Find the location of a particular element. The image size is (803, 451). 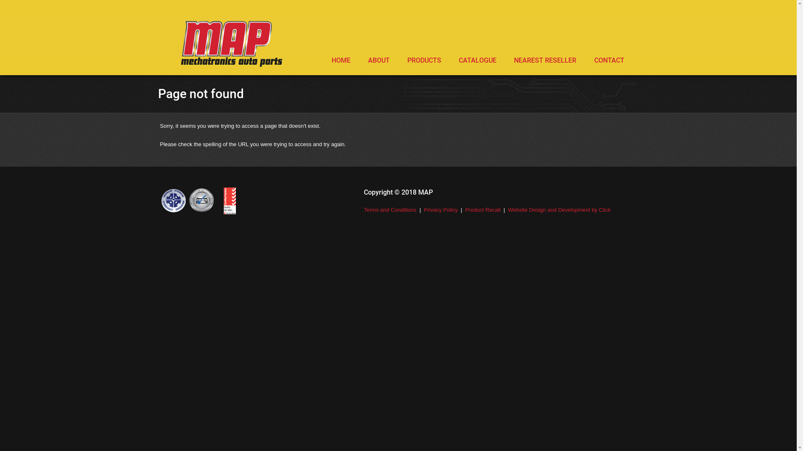

'Choice of Repairer' is located at coordinates (230, 201).